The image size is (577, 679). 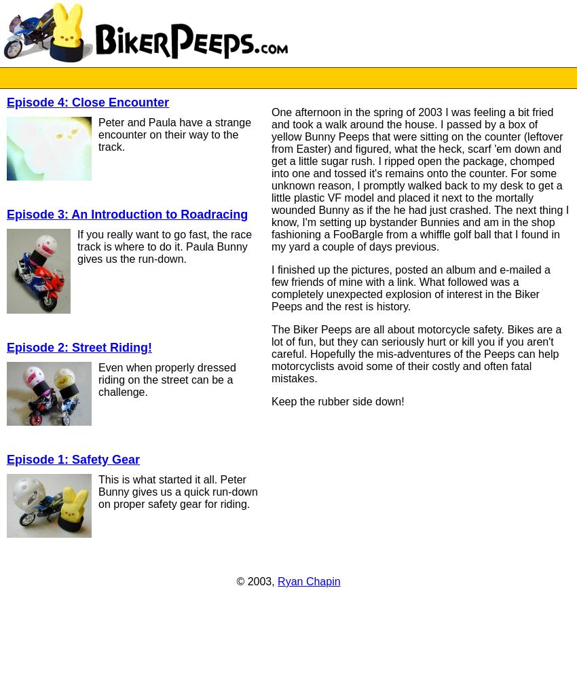 I want to click on 'If you really want to go fast, the race track is where to do it.  Paula Bunny gives us the run-down.', so click(x=76, y=246).